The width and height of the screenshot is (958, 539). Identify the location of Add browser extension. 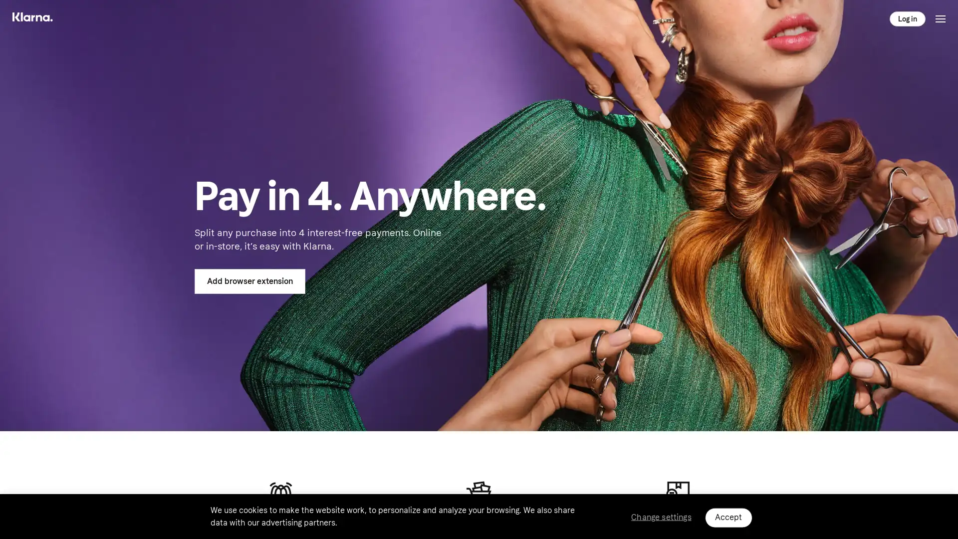
(249, 281).